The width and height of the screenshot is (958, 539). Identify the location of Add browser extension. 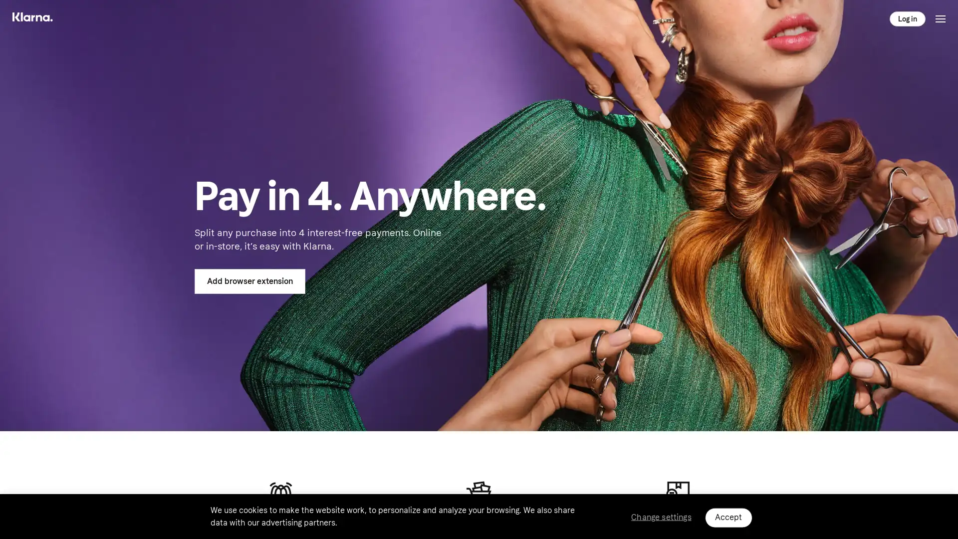
(249, 281).